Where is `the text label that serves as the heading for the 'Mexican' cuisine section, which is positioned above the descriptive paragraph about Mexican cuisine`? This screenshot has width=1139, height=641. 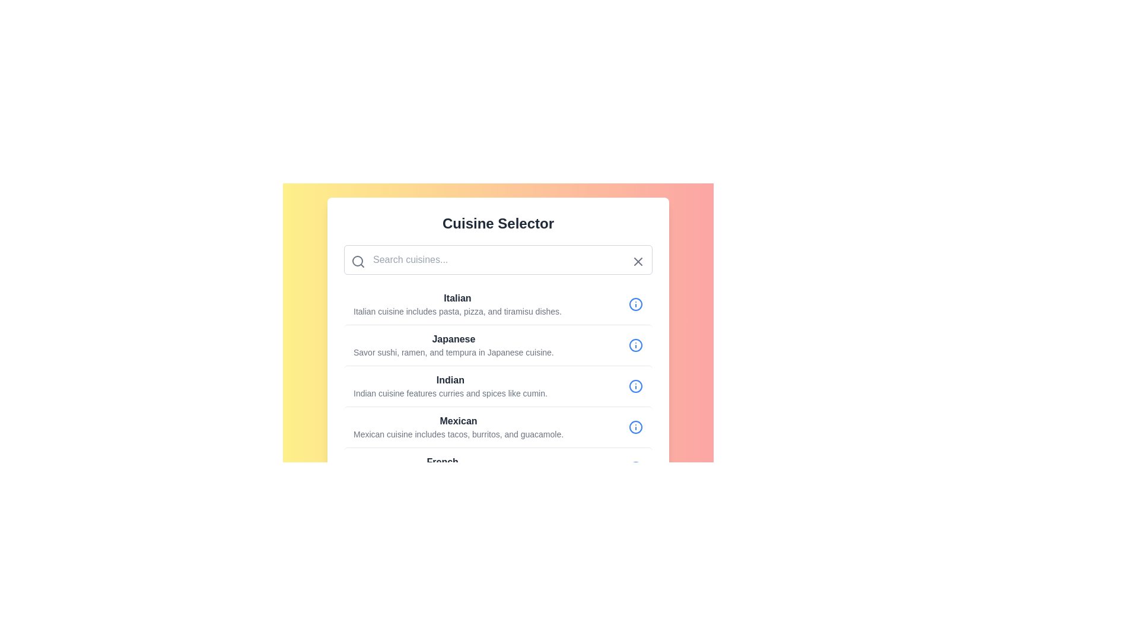 the text label that serves as the heading for the 'Mexican' cuisine section, which is positioned above the descriptive paragraph about Mexican cuisine is located at coordinates (457, 420).